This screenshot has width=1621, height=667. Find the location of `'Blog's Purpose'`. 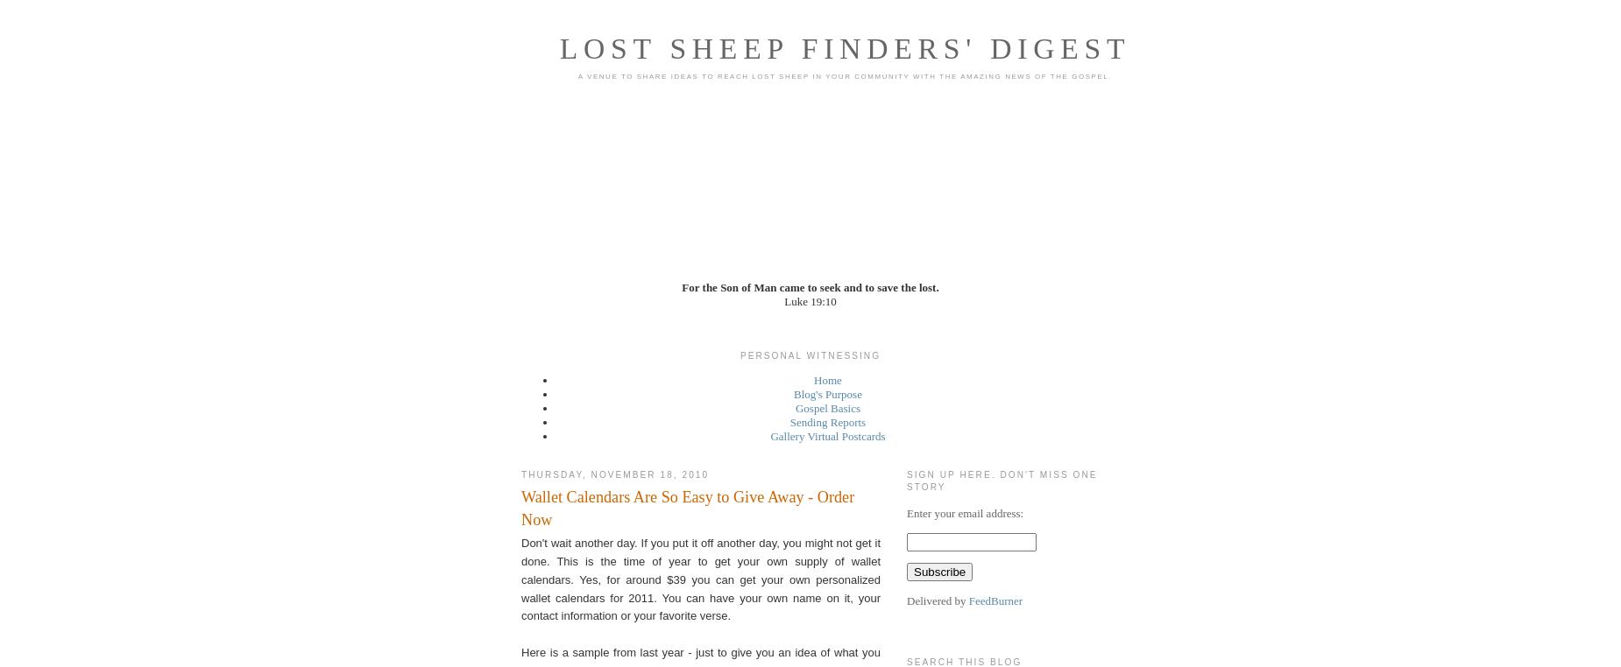

'Blog's Purpose' is located at coordinates (826, 394).